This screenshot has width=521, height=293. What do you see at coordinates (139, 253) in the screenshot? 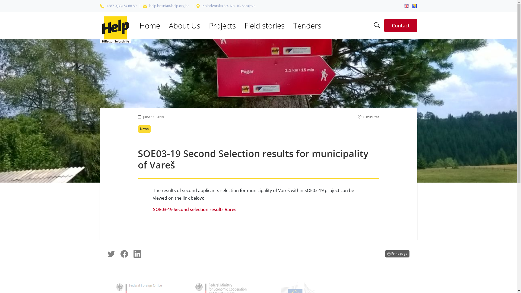
I see `'Share on LinkedIn'` at bounding box center [139, 253].